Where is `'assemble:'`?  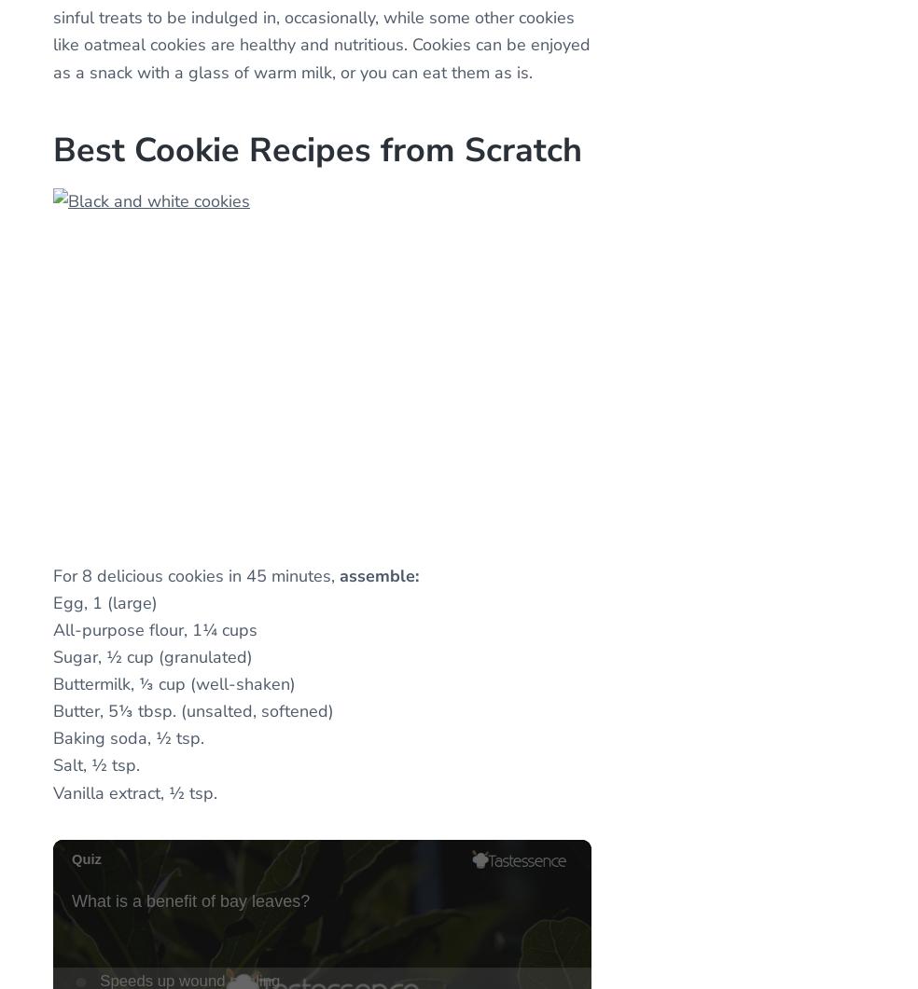 'assemble:' is located at coordinates (379, 573).